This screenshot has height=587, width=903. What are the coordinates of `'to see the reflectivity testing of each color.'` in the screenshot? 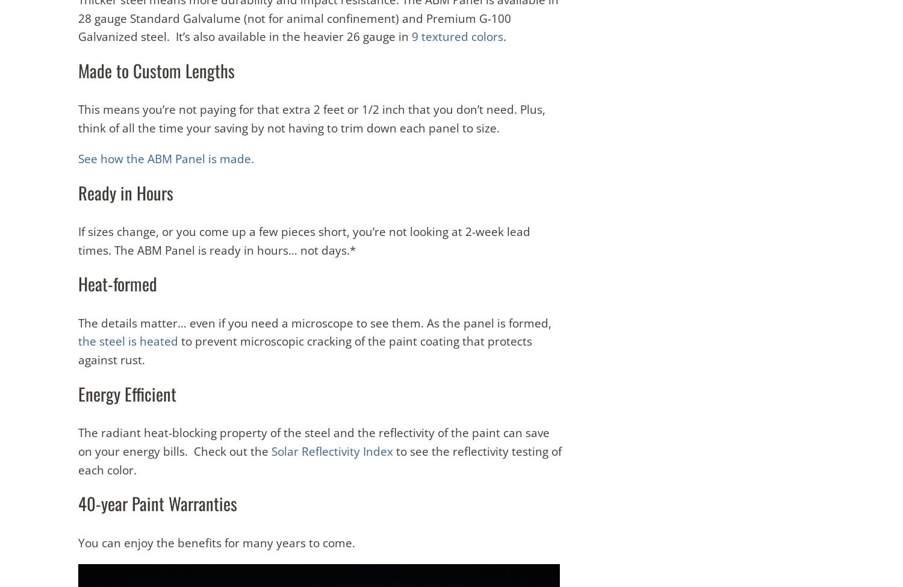 It's located at (320, 459).